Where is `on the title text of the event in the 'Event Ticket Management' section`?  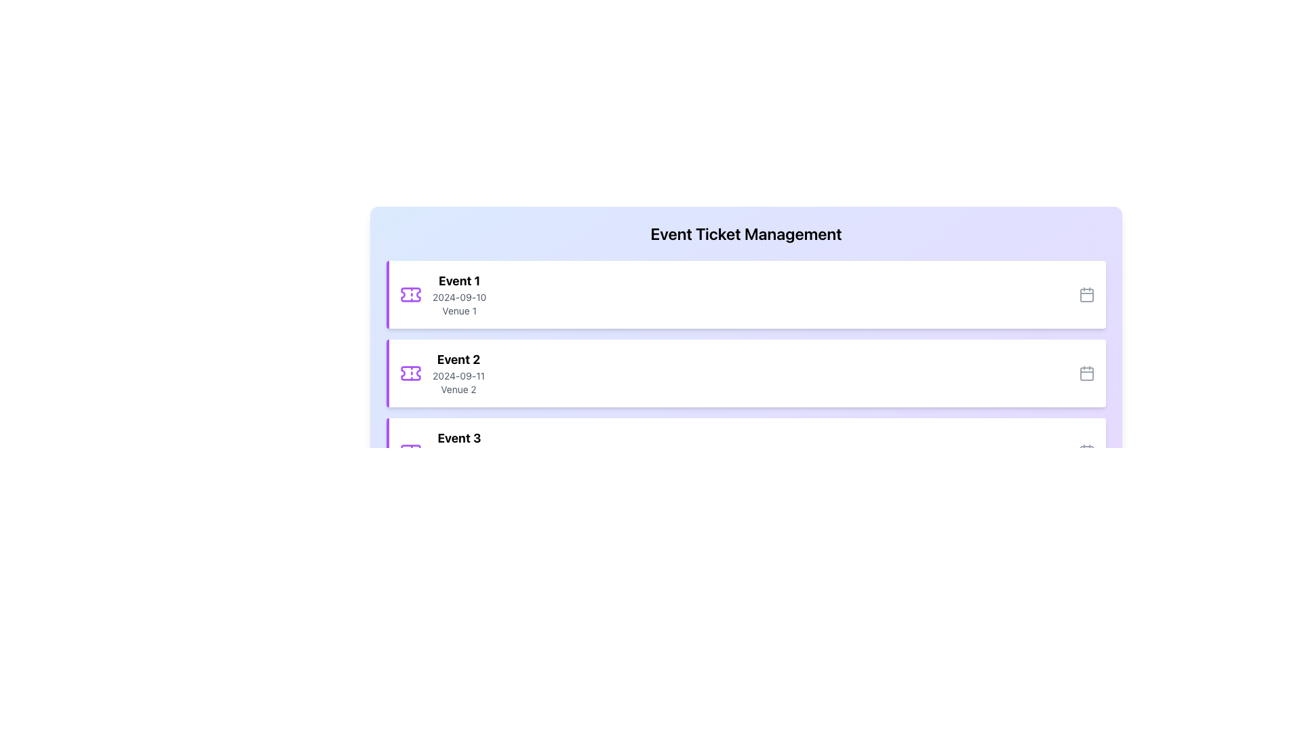
on the title text of the event in the 'Event Ticket Management' section is located at coordinates (459, 281).